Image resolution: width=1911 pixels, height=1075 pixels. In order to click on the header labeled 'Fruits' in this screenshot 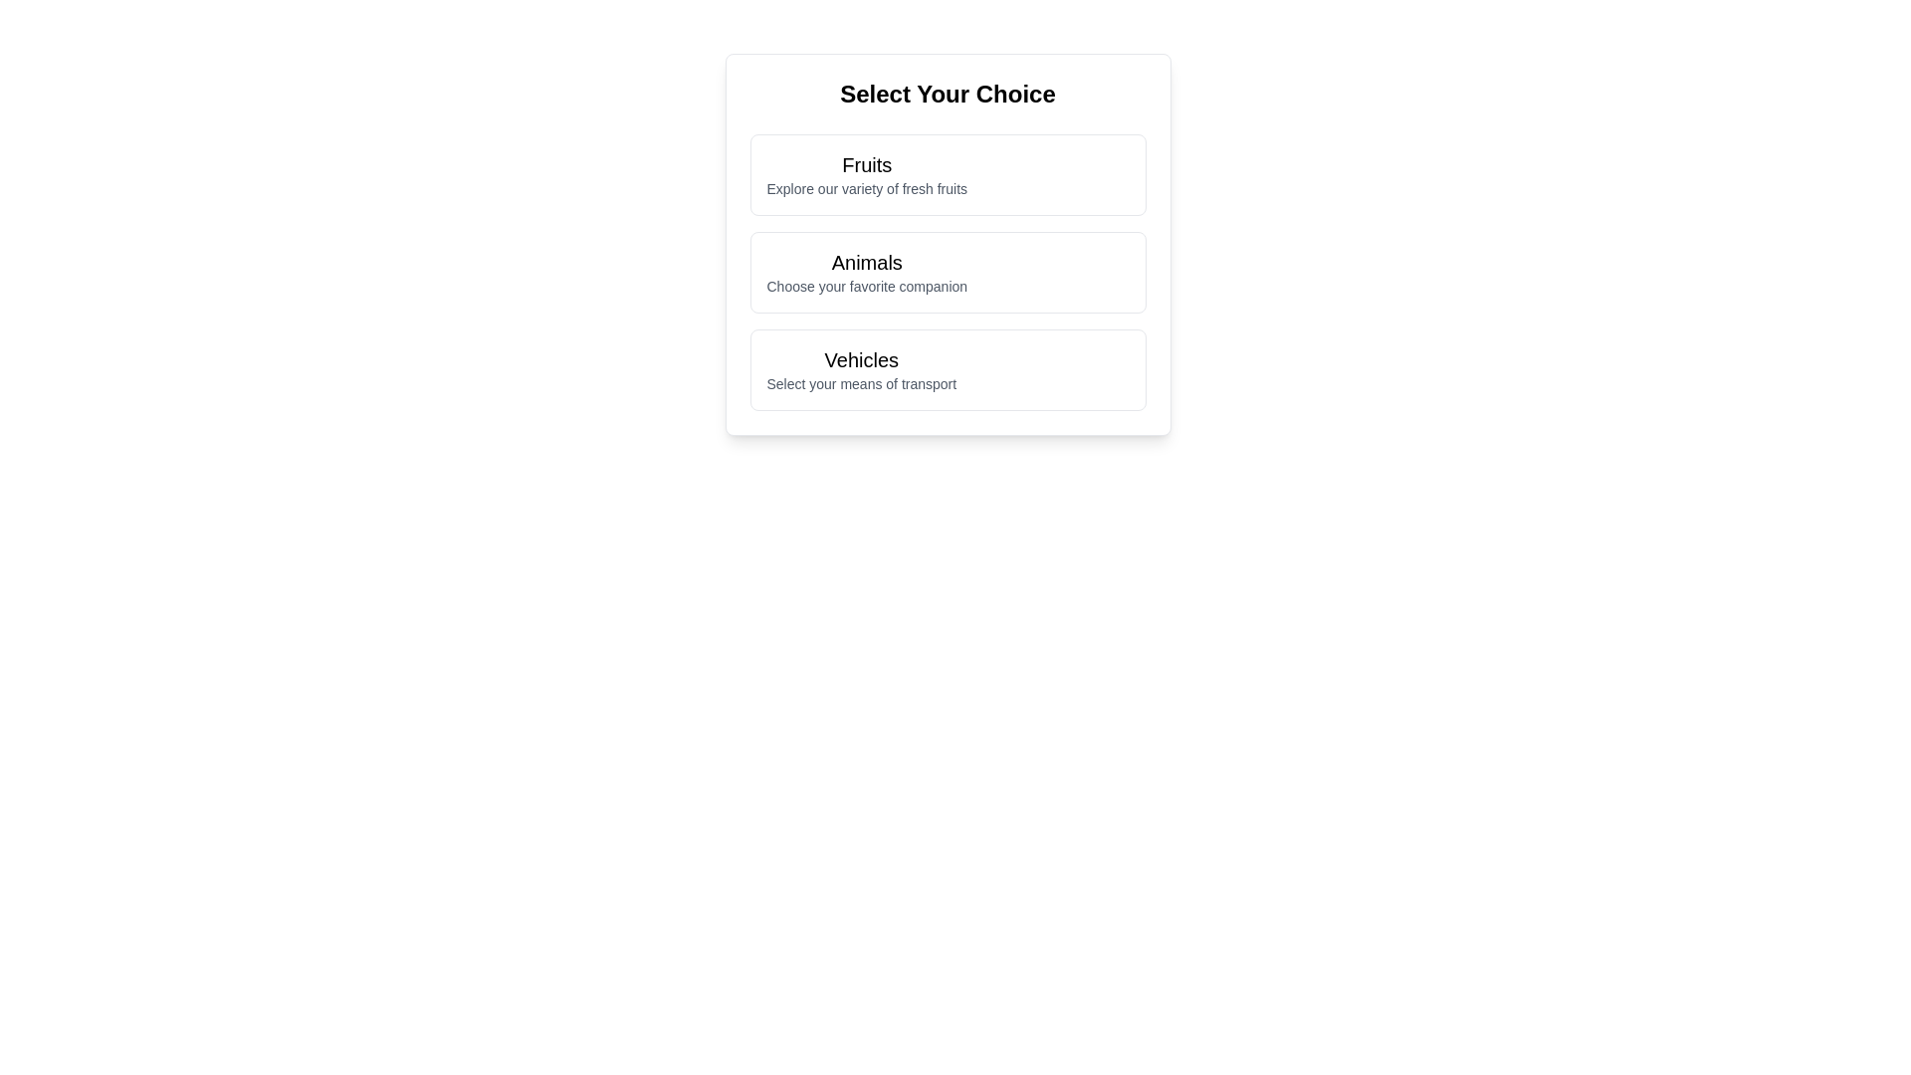, I will do `click(867, 163)`.